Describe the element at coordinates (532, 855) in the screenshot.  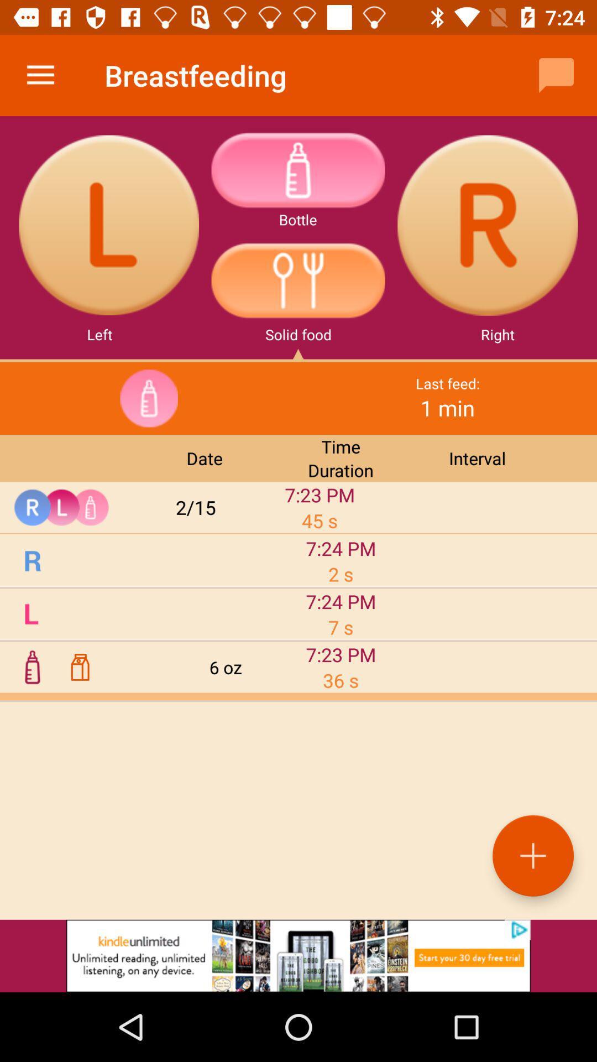
I see `the add icon` at that location.